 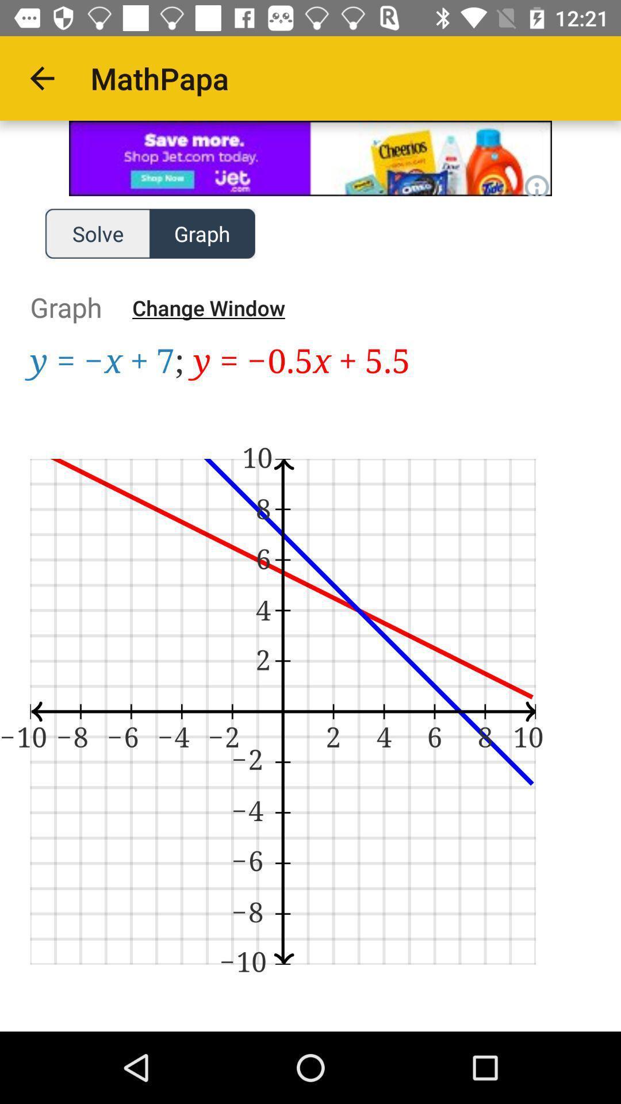 I want to click on advert, so click(x=310, y=158).